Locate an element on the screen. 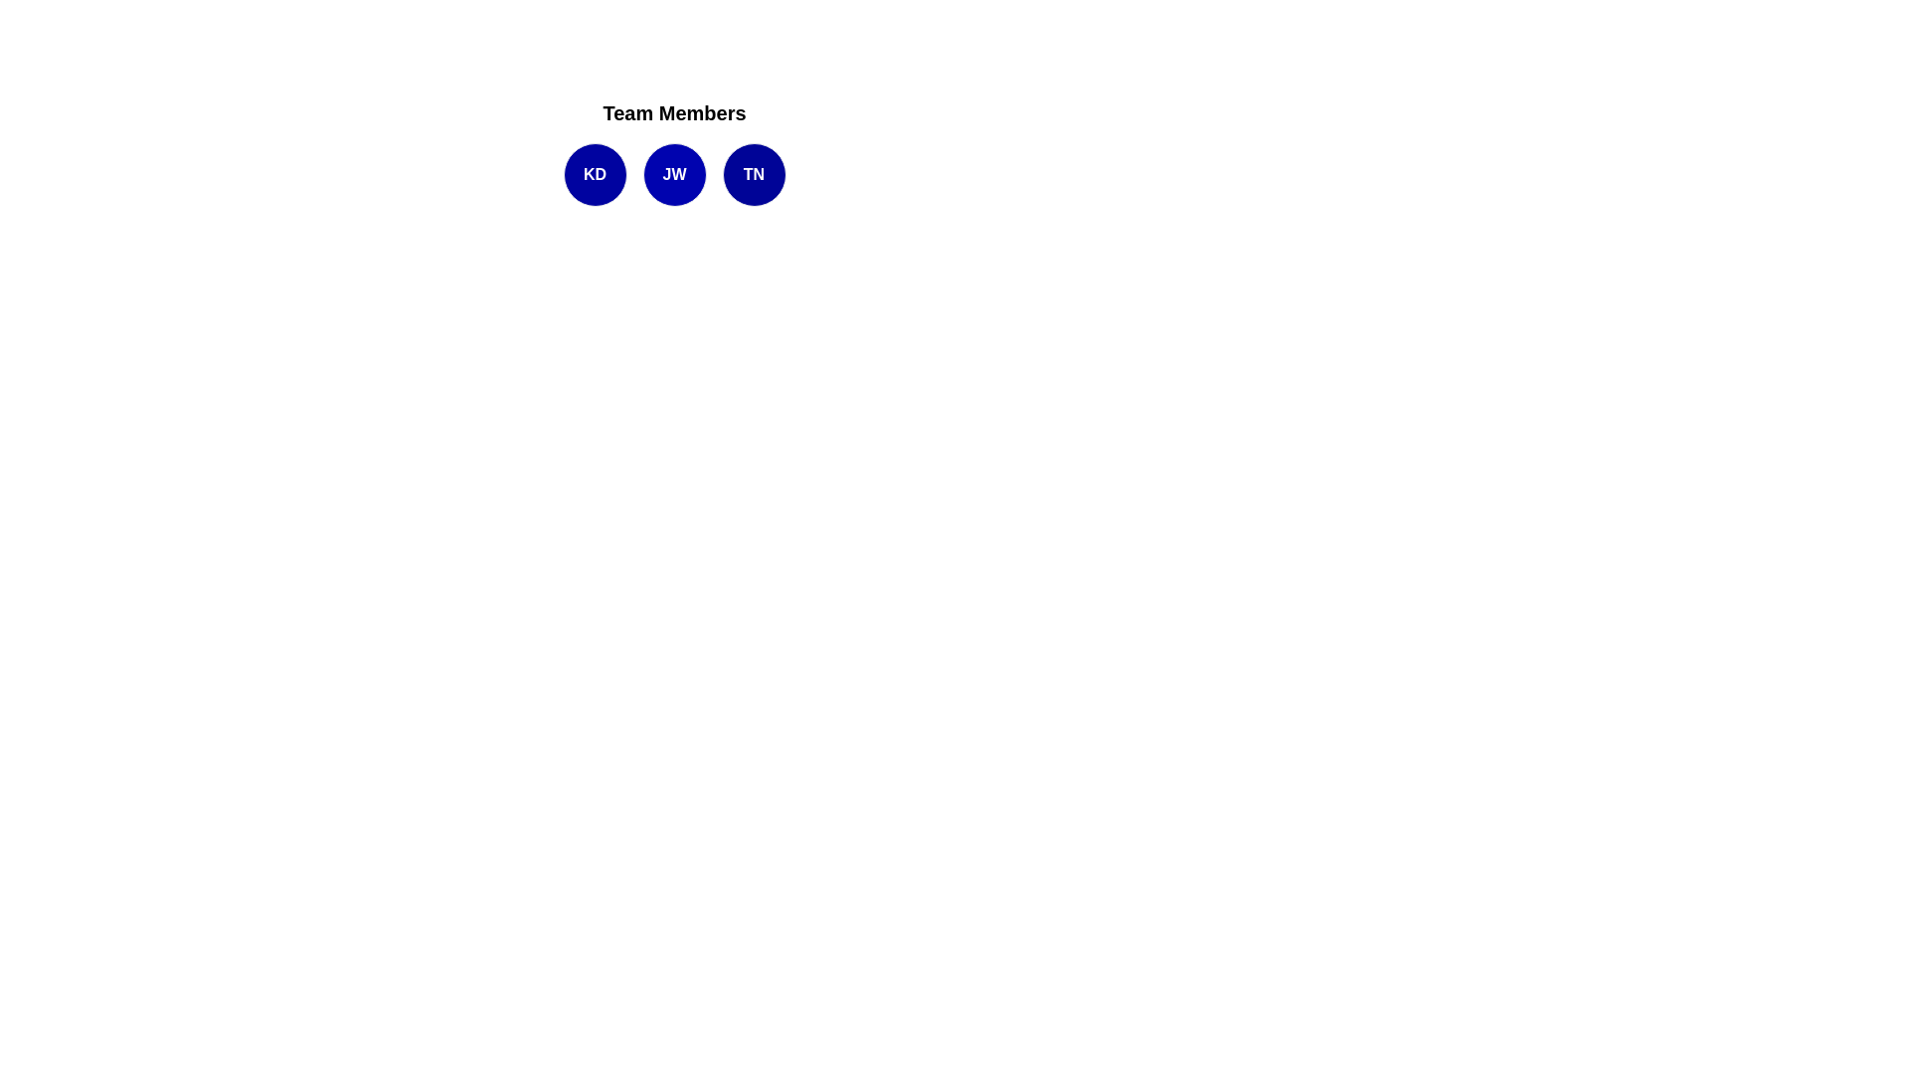  the circular badge labeled 'JW' with white letters on a blue background, which is the second item in a set of three under the 'Team Members' heading is located at coordinates (674, 174).